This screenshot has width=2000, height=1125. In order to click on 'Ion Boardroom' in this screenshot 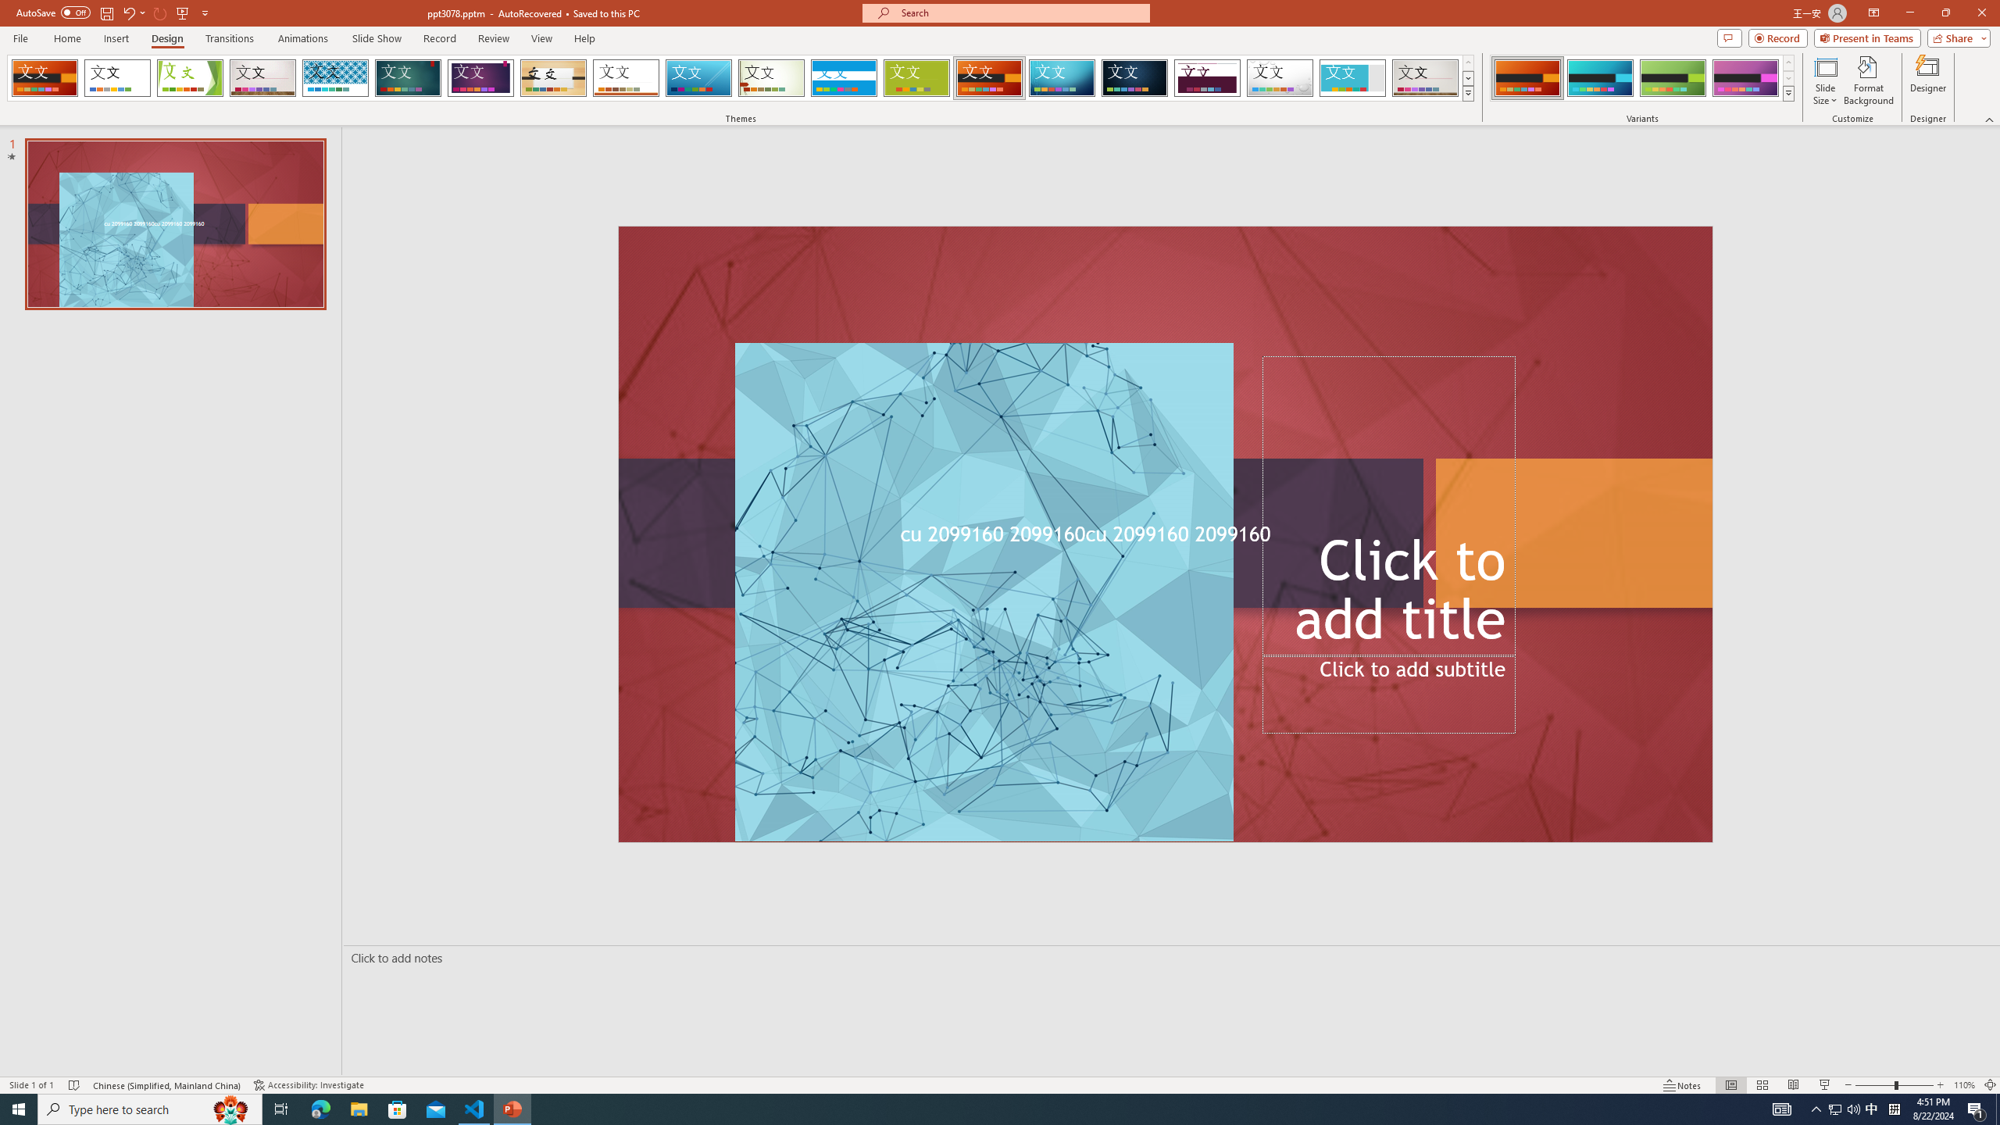, I will do `click(480, 77)`.